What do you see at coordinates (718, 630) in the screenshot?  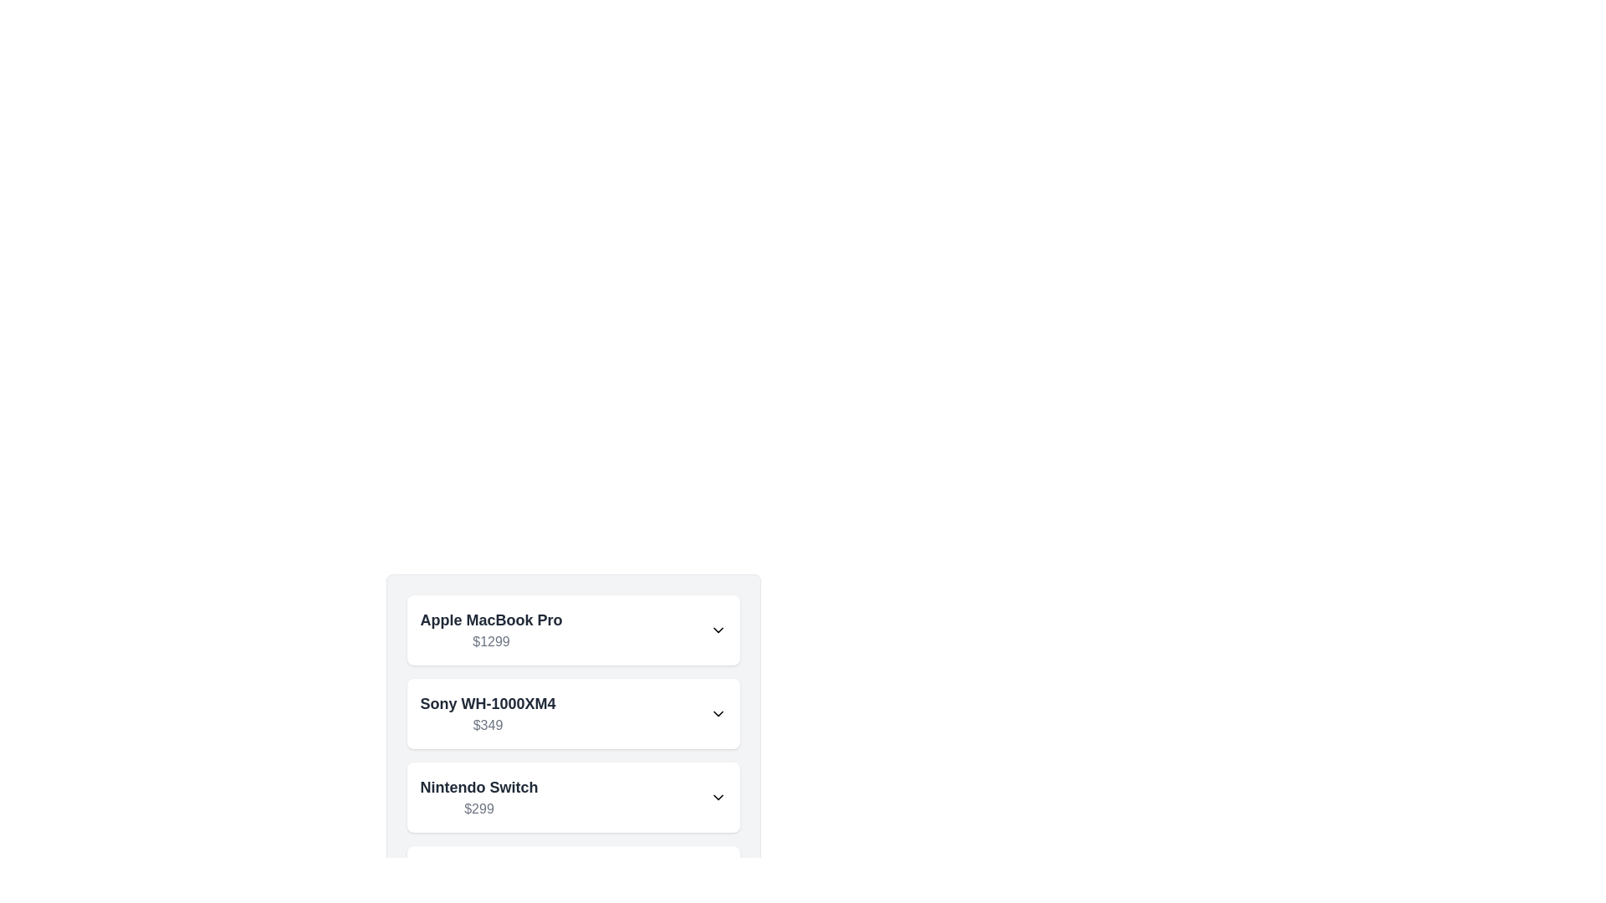 I see `the button with an interactive chevron icon located at the far right of the 'Apple MacBook Pro $1299' section` at bounding box center [718, 630].